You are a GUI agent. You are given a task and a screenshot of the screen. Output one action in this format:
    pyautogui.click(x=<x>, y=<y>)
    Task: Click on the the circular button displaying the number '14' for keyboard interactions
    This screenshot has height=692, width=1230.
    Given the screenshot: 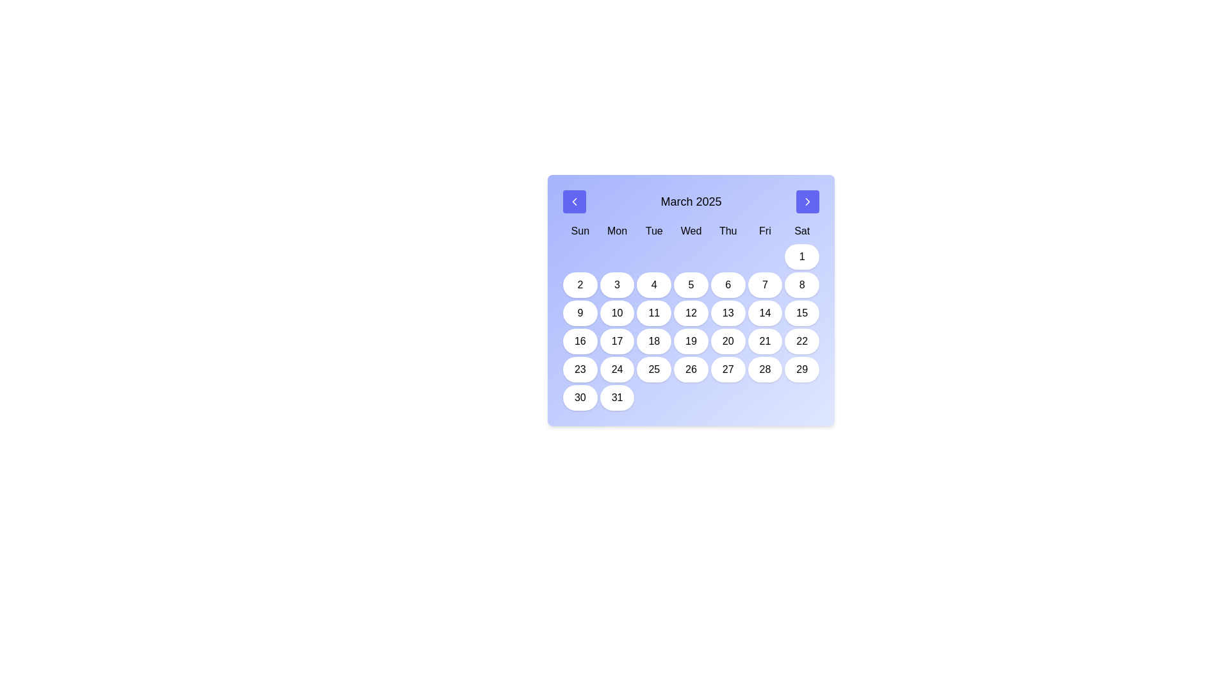 What is the action you would take?
    pyautogui.click(x=765, y=313)
    